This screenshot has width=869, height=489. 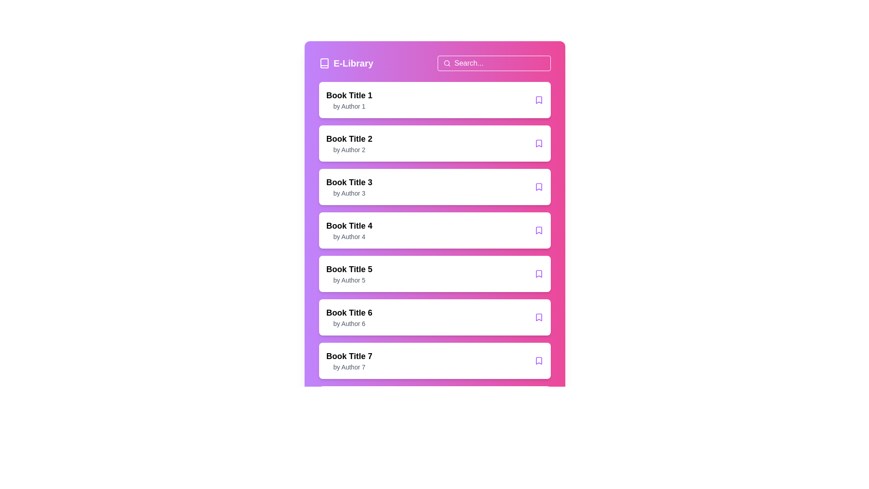 What do you see at coordinates (539, 230) in the screenshot?
I see `the bookmark icon located in the fourth row of the vertical list, adjacent to 'Book Title 4 by Author 4'` at bounding box center [539, 230].